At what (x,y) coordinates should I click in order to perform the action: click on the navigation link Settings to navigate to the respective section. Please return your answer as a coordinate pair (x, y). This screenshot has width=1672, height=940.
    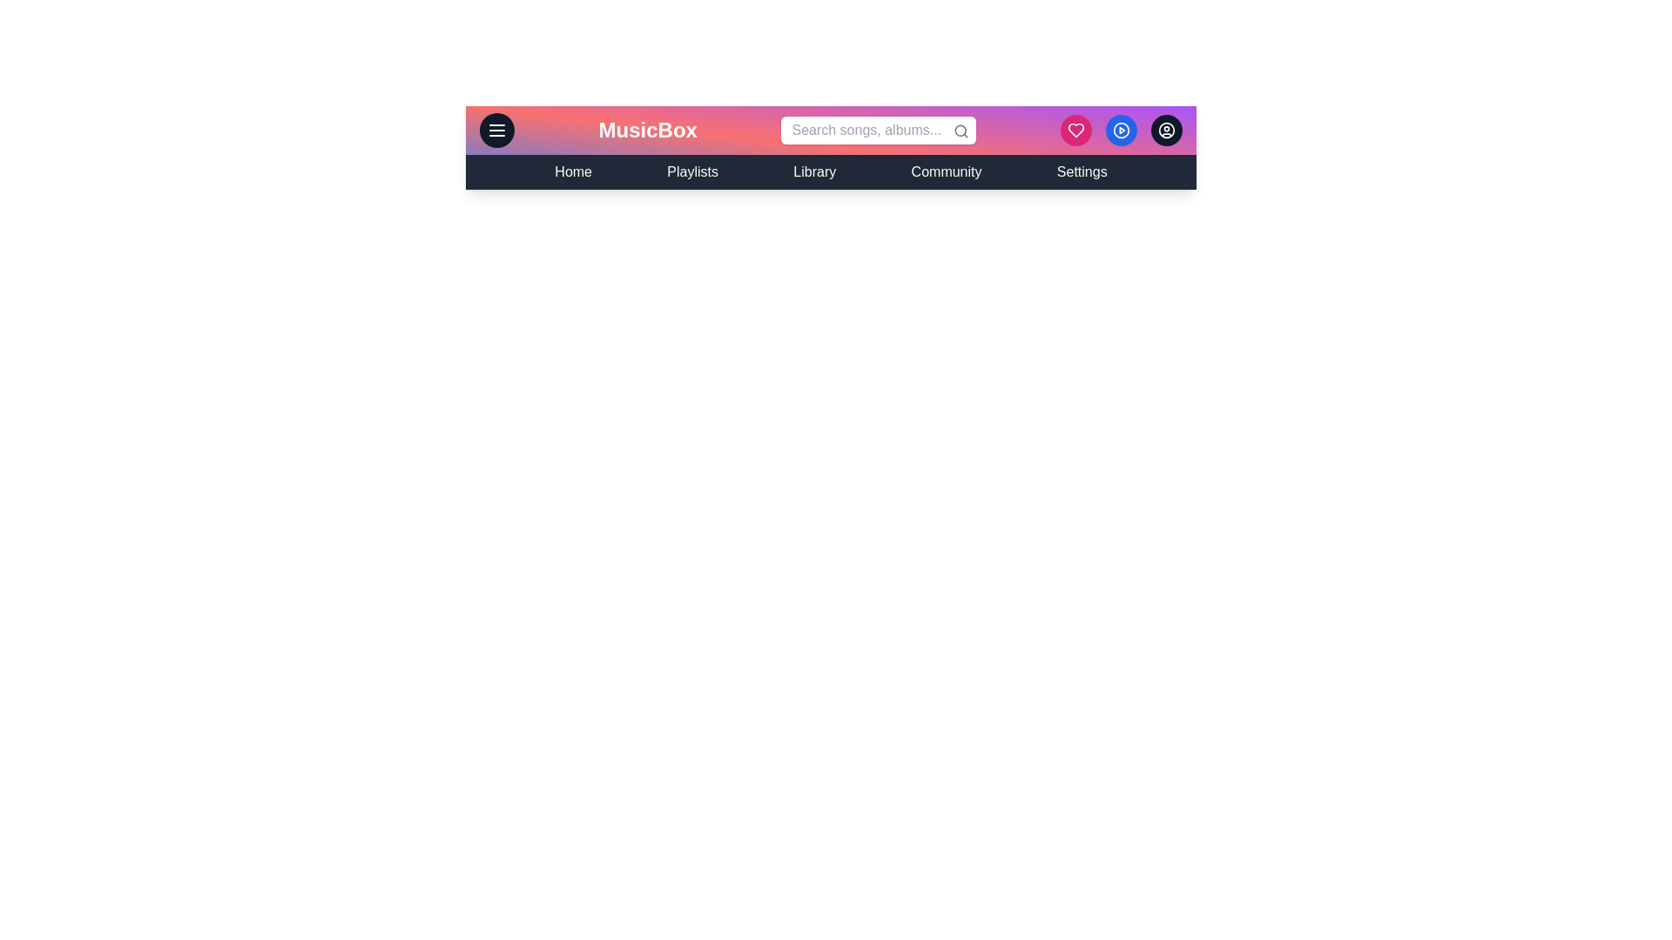
    Looking at the image, I should click on (1081, 171).